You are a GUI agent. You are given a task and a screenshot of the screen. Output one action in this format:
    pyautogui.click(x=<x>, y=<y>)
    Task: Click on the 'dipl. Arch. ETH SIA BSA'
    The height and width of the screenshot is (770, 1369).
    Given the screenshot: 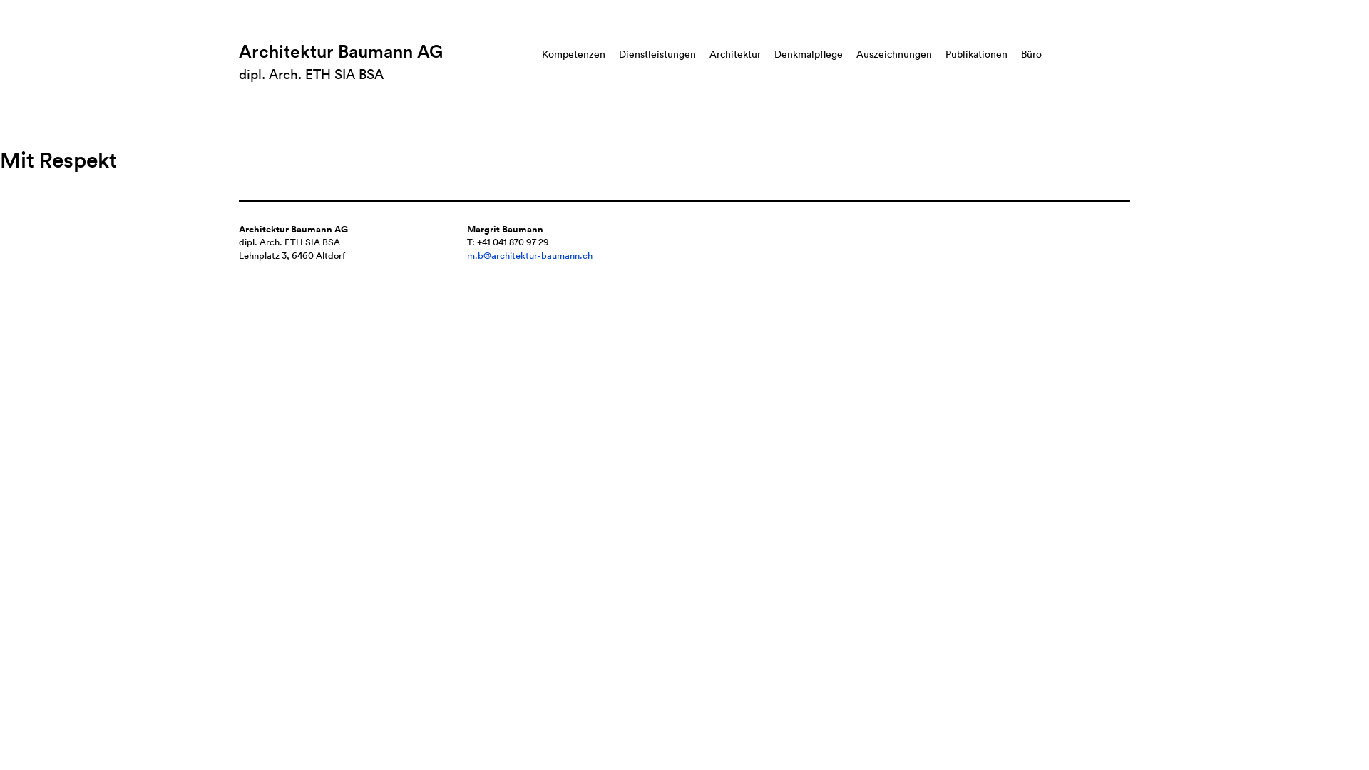 What is the action you would take?
    pyautogui.click(x=310, y=74)
    